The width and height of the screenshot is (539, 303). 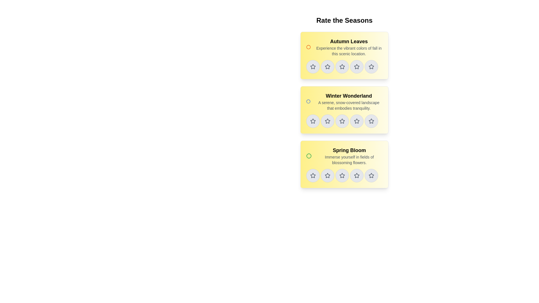 I want to click on the circular button with a light gray background and a star icon, so click(x=312, y=121).